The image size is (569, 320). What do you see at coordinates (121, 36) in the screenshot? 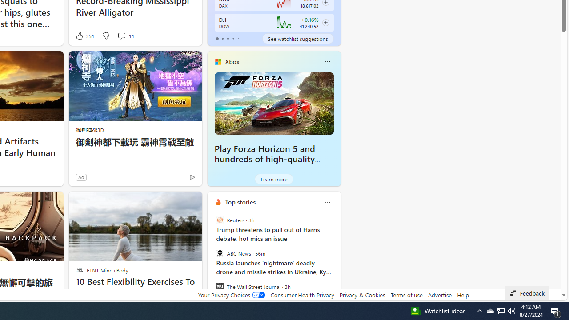
I see `'View comments 11 Comment'` at bounding box center [121, 36].